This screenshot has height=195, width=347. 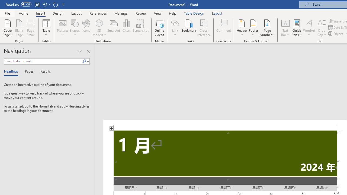 What do you see at coordinates (18, 4) in the screenshot?
I see `'AutoSave'` at bounding box center [18, 4].